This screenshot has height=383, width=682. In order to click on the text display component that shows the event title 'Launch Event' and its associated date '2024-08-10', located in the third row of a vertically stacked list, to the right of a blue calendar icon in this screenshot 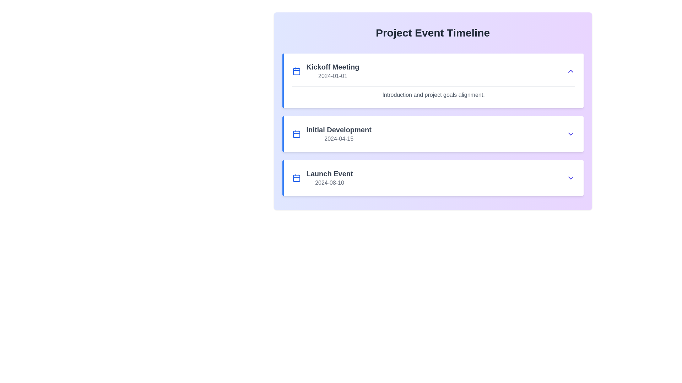, I will do `click(329, 177)`.